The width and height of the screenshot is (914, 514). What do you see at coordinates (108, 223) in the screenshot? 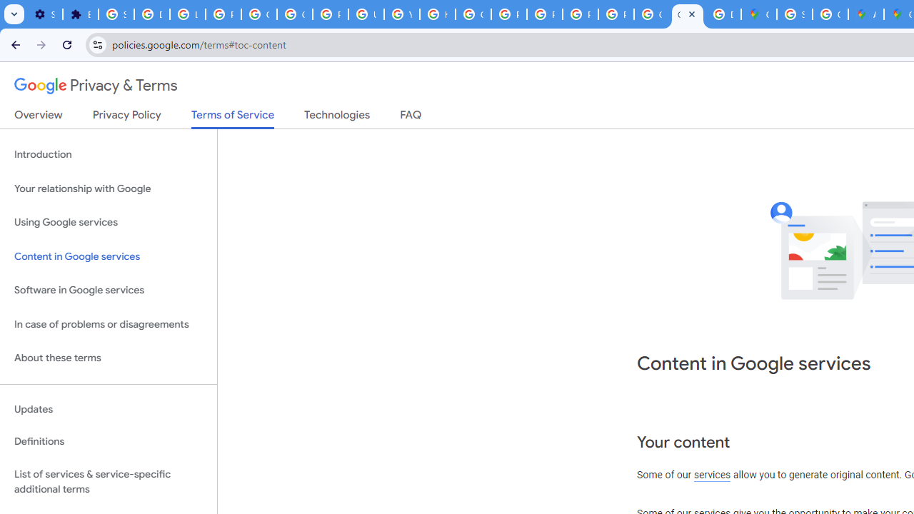
I see `'Using Google services'` at bounding box center [108, 223].